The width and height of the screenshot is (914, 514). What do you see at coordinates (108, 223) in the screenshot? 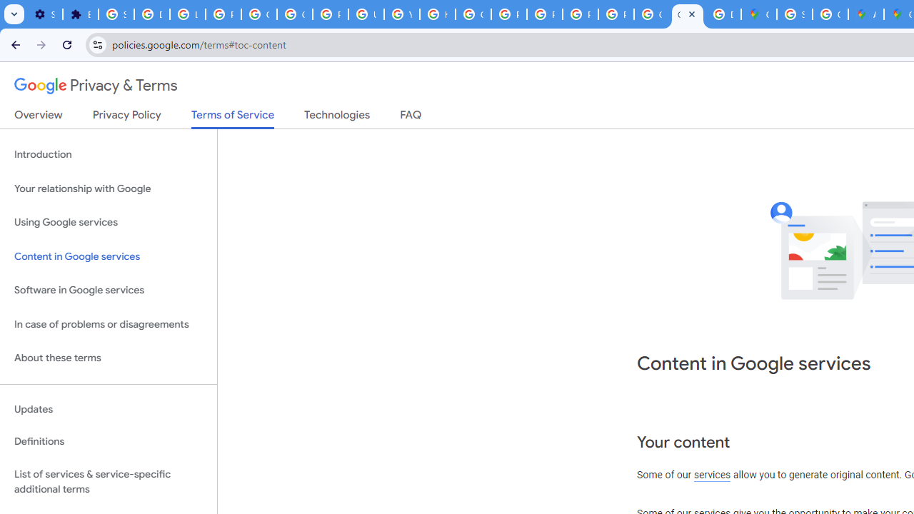
I see `'Using Google services'` at bounding box center [108, 223].